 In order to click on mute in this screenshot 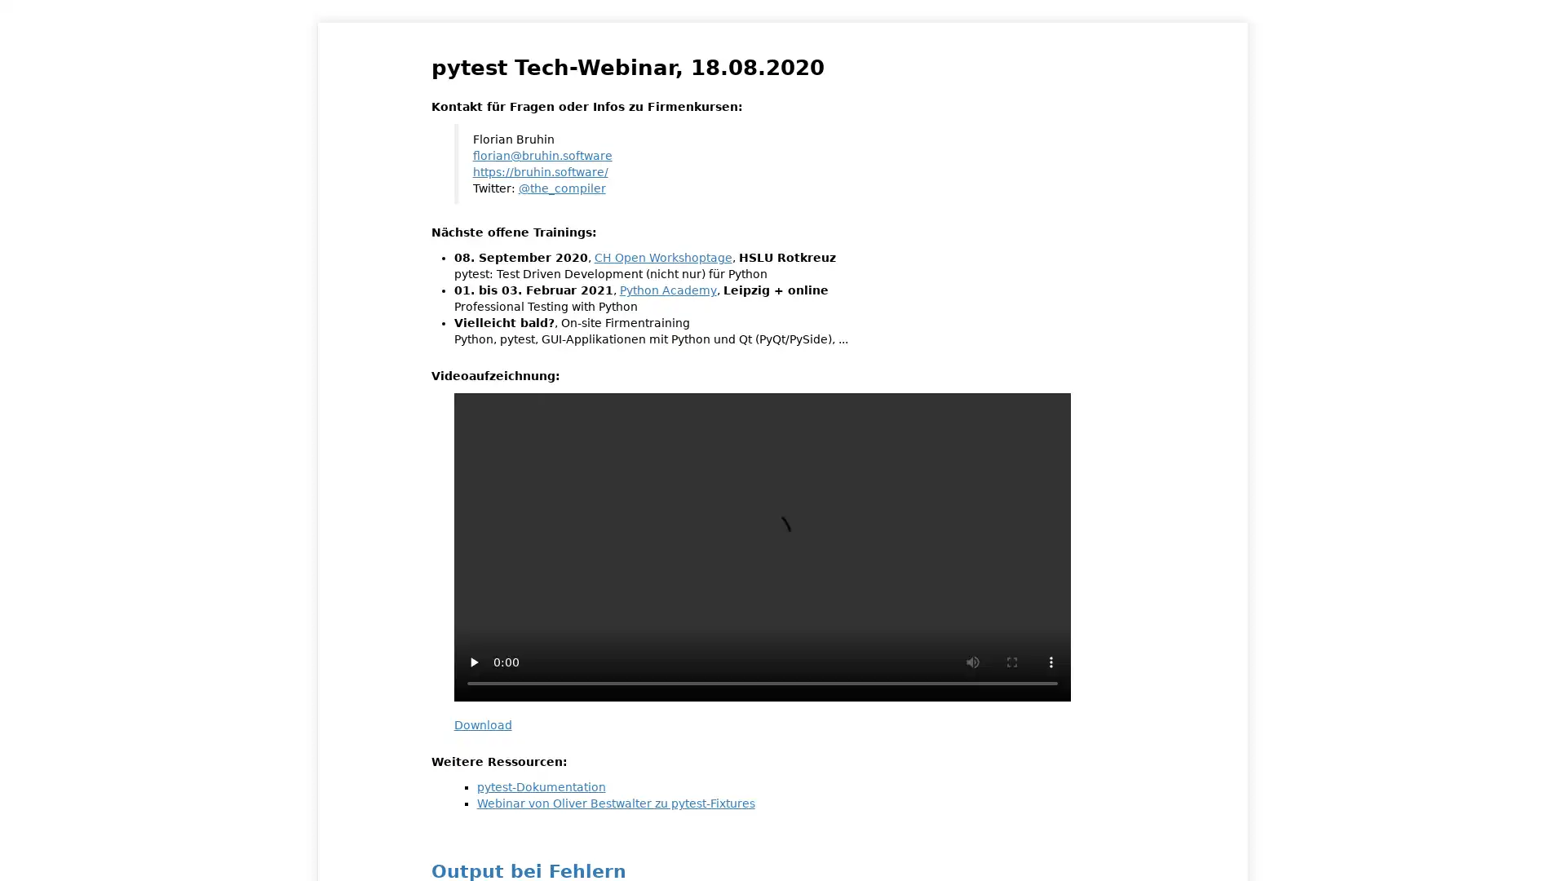, I will do `click(971, 662)`.